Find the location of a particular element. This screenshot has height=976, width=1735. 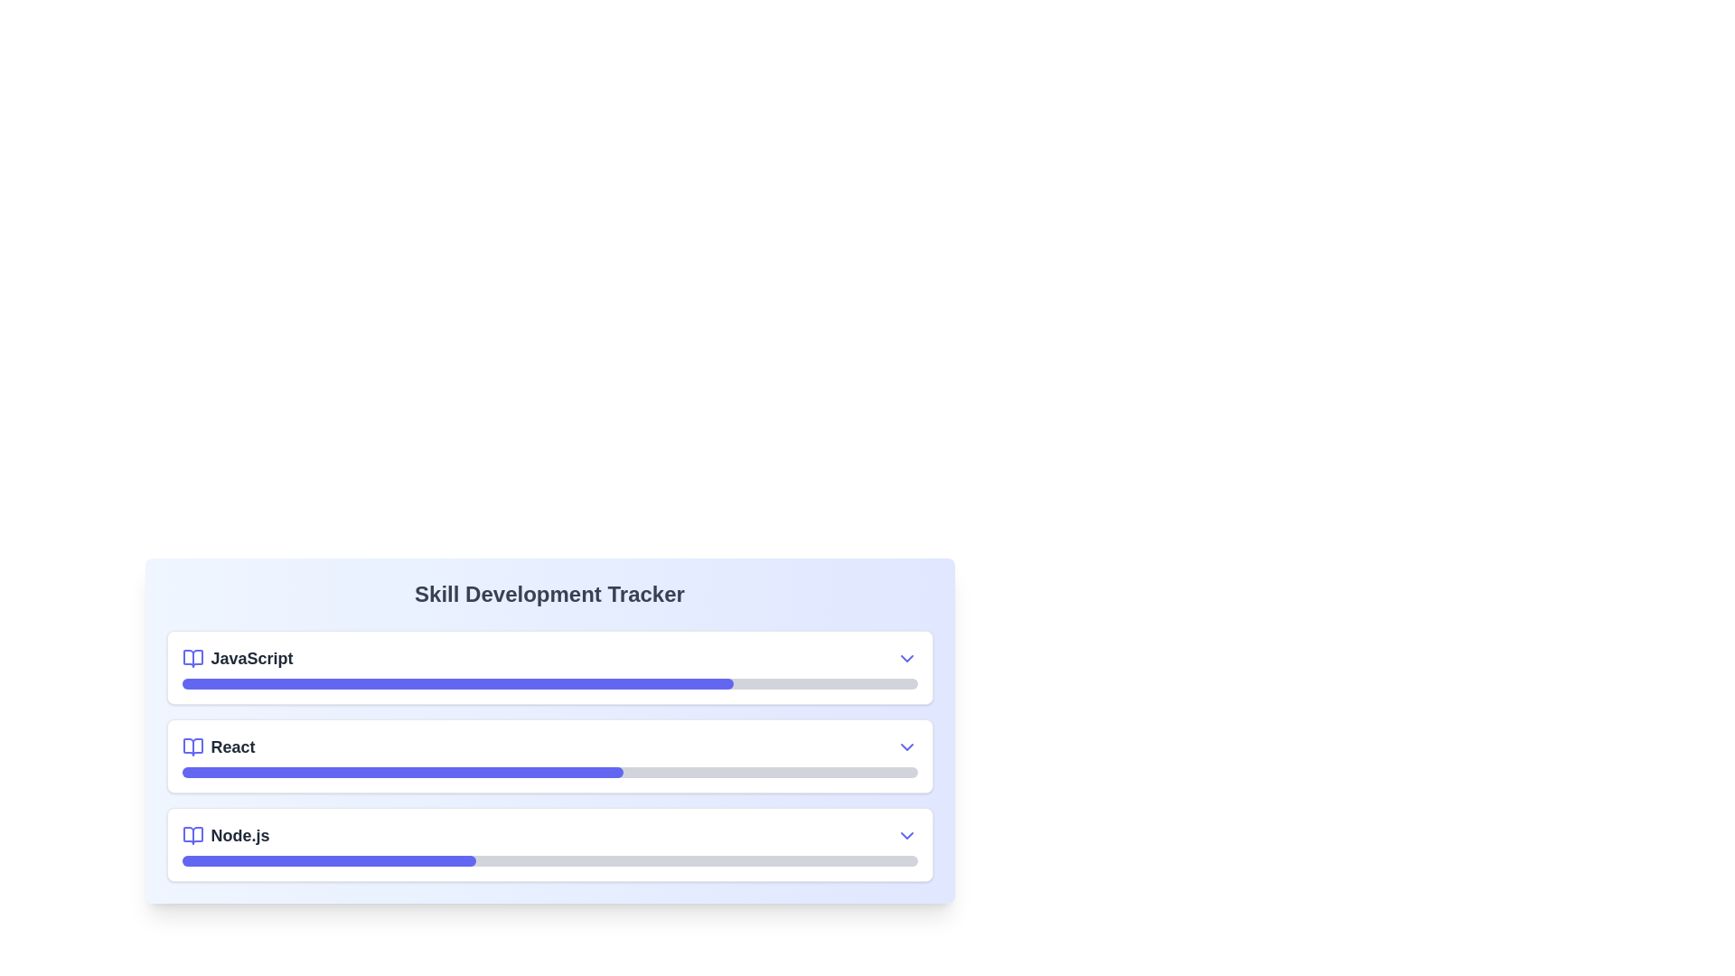

the progress bar is located at coordinates (534, 859).